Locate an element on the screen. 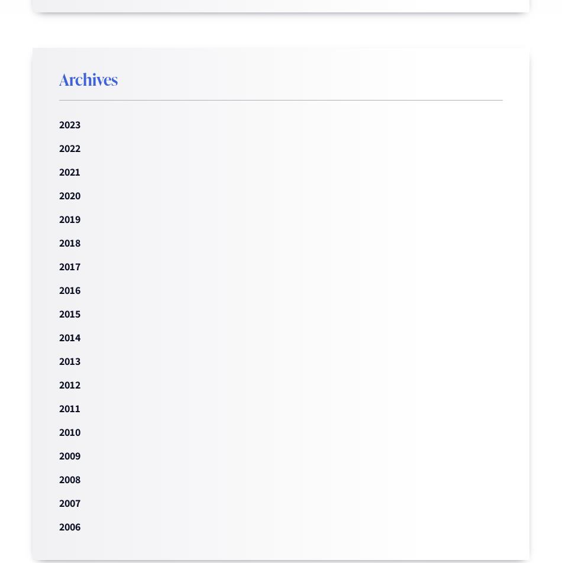 Image resolution: width=562 pixels, height=563 pixels. '2010' is located at coordinates (69, 432).